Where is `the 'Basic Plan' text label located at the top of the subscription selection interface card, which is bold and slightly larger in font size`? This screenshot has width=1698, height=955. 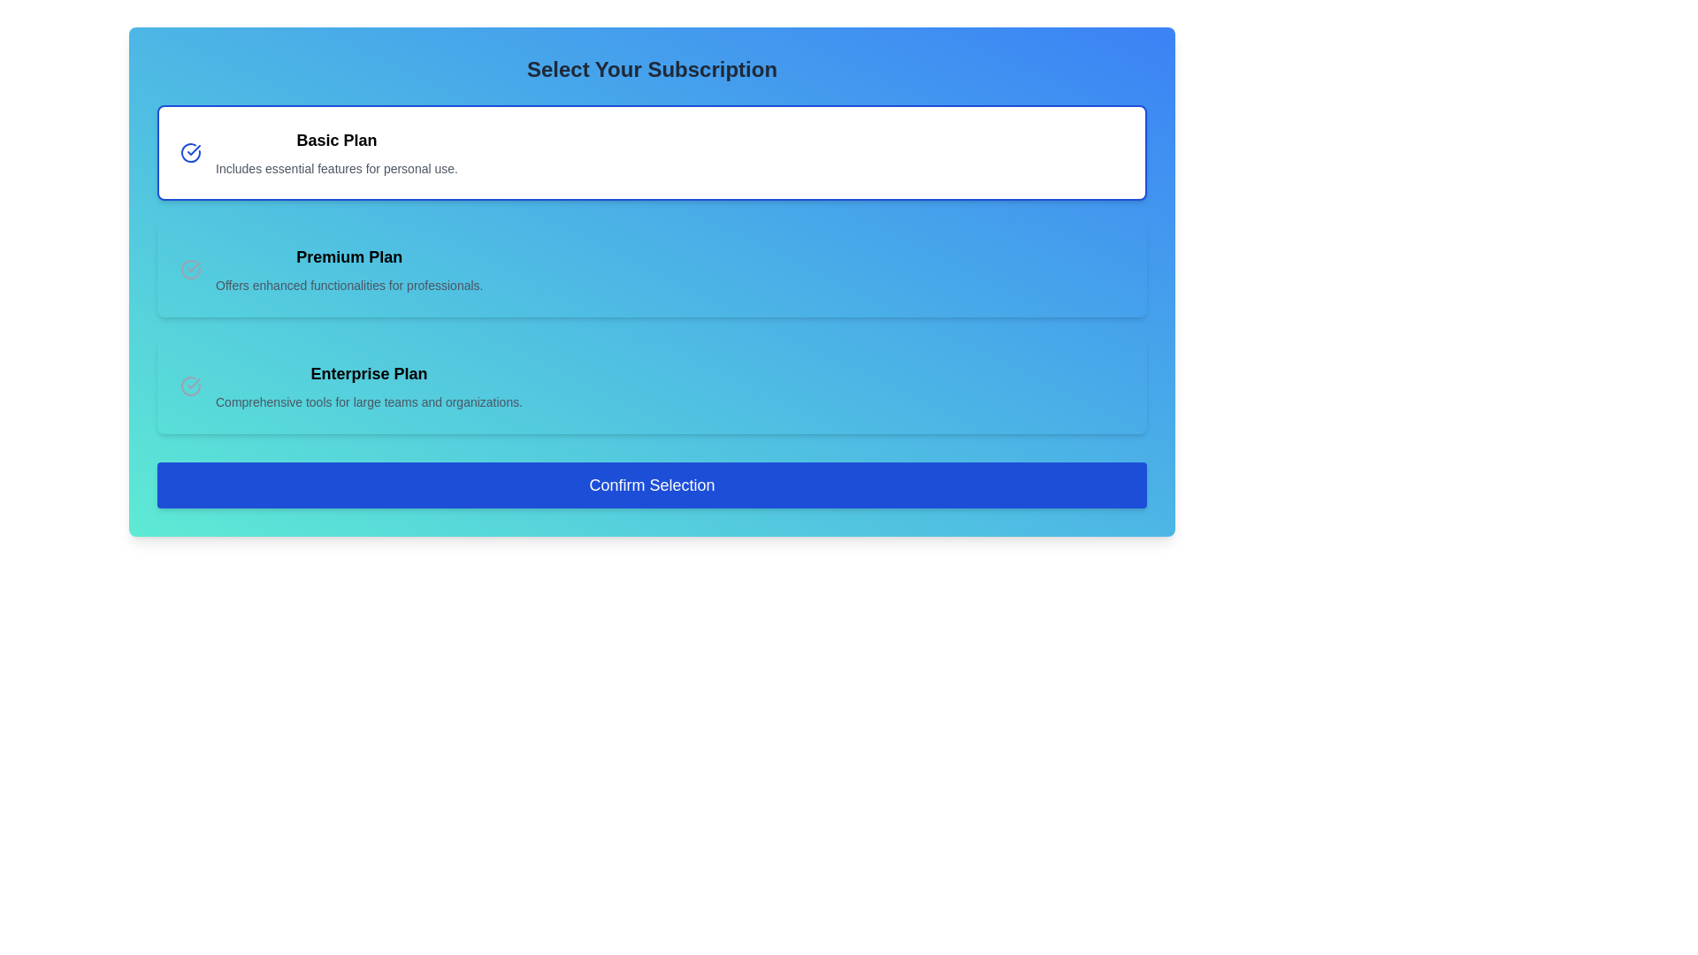
the 'Basic Plan' text label located at the top of the subscription selection interface card, which is bold and slightly larger in font size is located at coordinates (336, 139).